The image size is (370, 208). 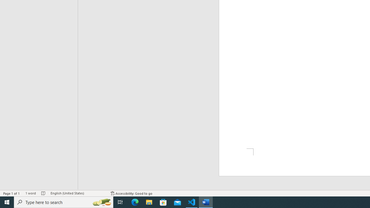 What do you see at coordinates (43, 193) in the screenshot?
I see `'Spelling and Grammar Check No Errors'` at bounding box center [43, 193].